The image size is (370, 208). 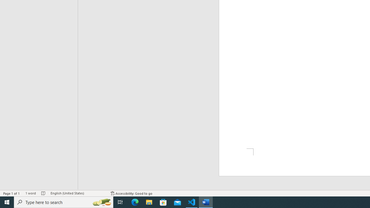 What do you see at coordinates (43, 193) in the screenshot?
I see `'Spelling and Grammar Check No Errors'` at bounding box center [43, 193].